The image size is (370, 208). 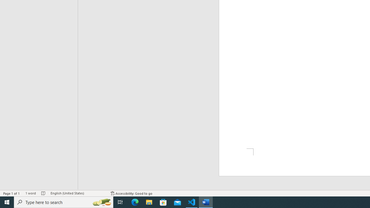 What do you see at coordinates (43, 193) in the screenshot?
I see `'Spelling and Grammar Check No Errors'` at bounding box center [43, 193].